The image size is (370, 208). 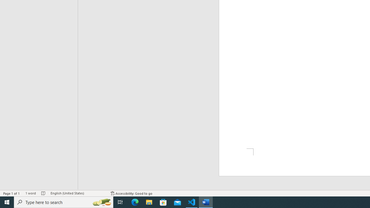 What do you see at coordinates (43, 193) in the screenshot?
I see `'Spelling and Grammar Check No Errors'` at bounding box center [43, 193].